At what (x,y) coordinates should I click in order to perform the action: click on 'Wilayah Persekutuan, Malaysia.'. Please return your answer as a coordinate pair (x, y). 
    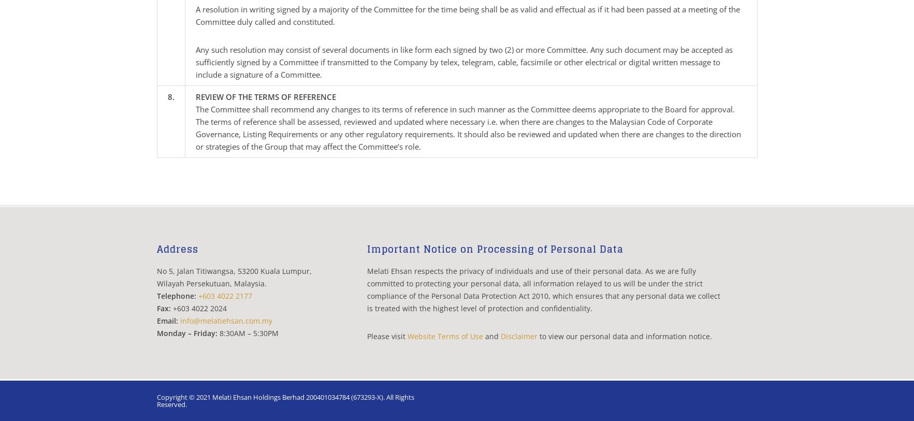
    Looking at the image, I should click on (211, 283).